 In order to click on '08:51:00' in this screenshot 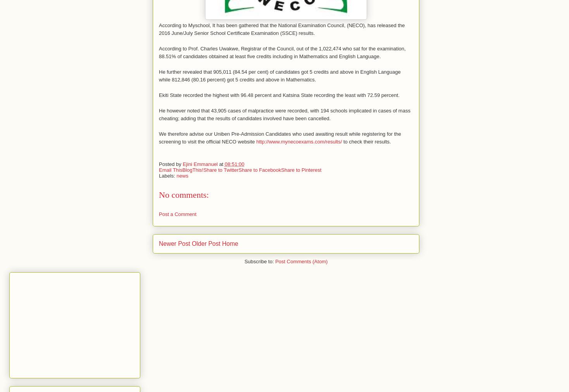, I will do `click(234, 163)`.